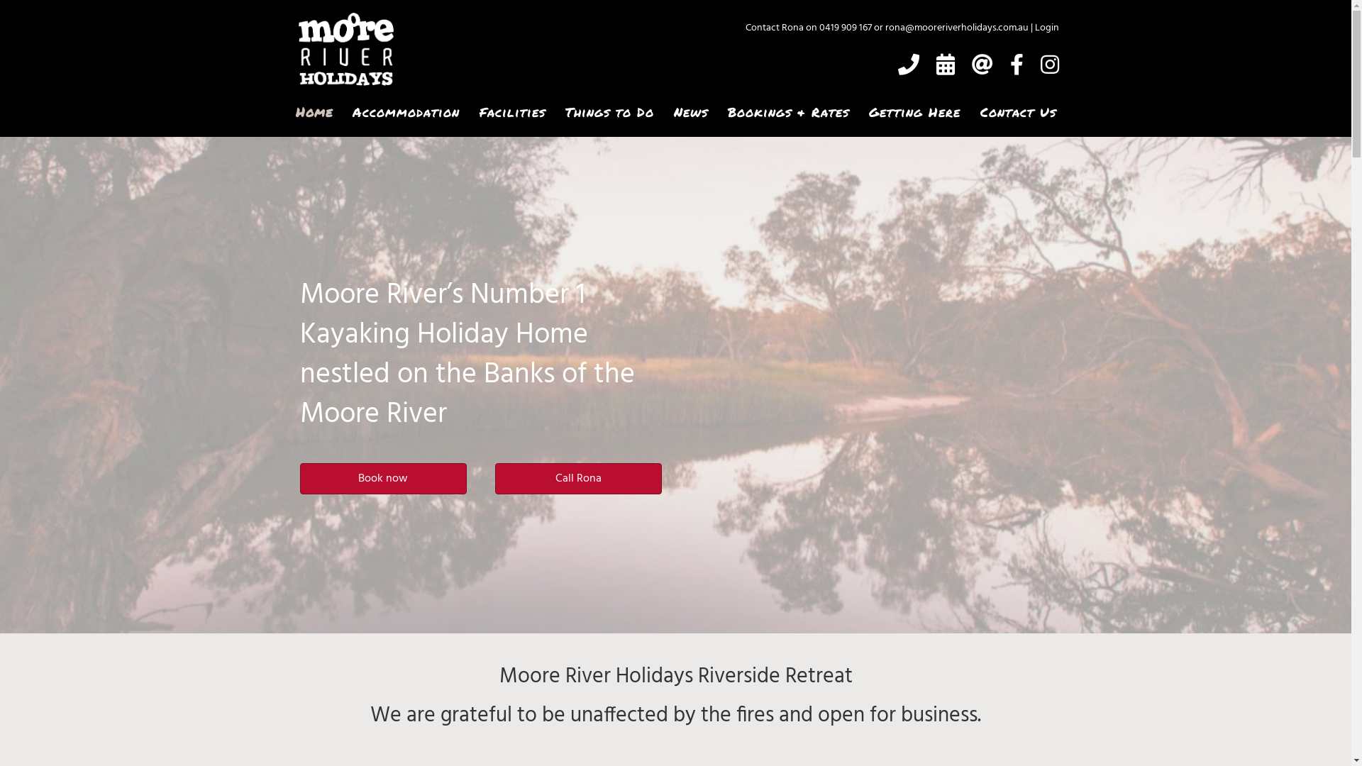 Image resolution: width=1362 pixels, height=766 pixels. What do you see at coordinates (1017, 111) in the screenshot?
I see `'Contact Us'` at bounding box center [1017, 111].